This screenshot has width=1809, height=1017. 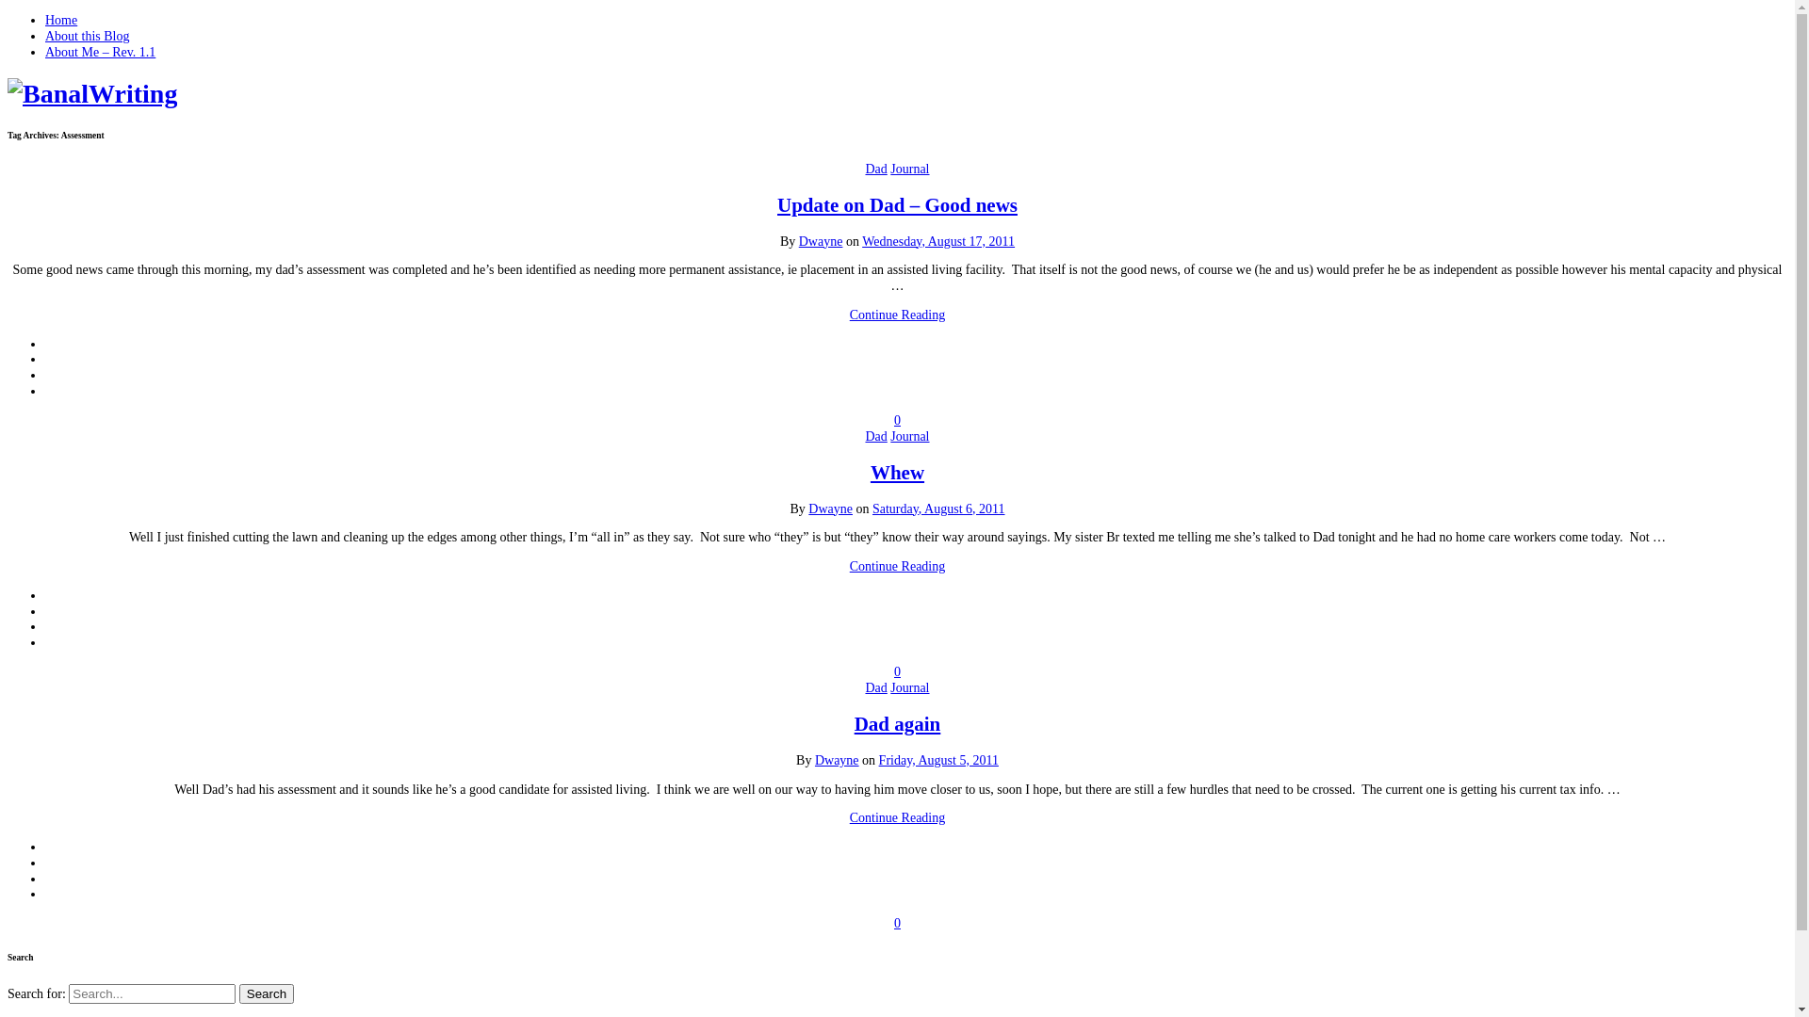 What do you see at coordinates (938, 507) in the screenshot?
I see `'Saturday, August 6, 2011'` at bounding box center [938, 507].